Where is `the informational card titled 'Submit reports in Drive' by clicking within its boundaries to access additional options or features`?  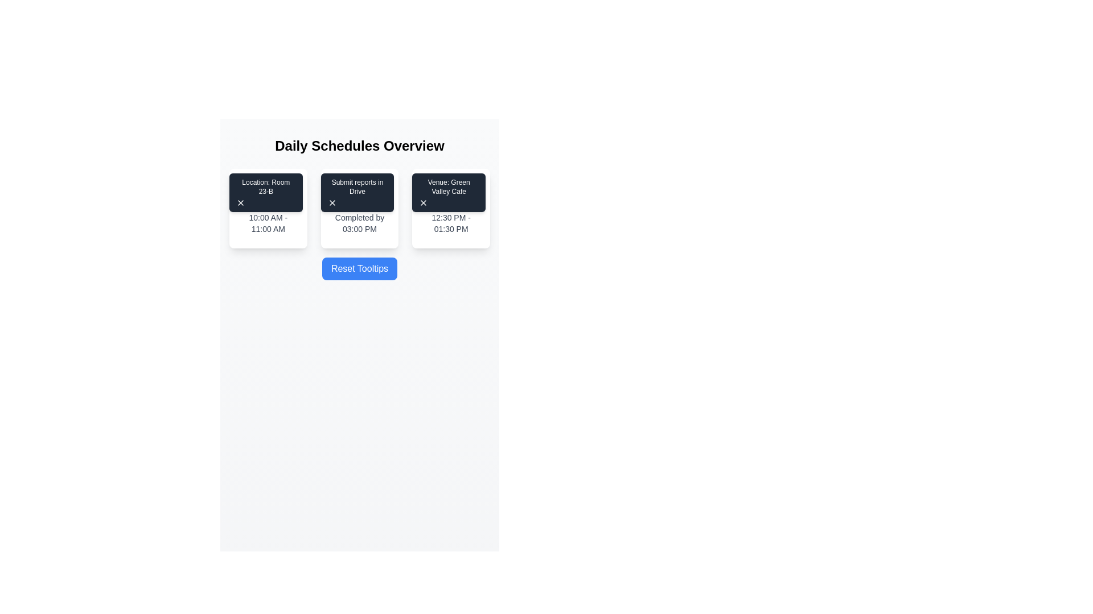
the informational card titled 'Submit reports in Drive' by clicking within its boundaries to access additional options or features is located at coordinates (359, 208).